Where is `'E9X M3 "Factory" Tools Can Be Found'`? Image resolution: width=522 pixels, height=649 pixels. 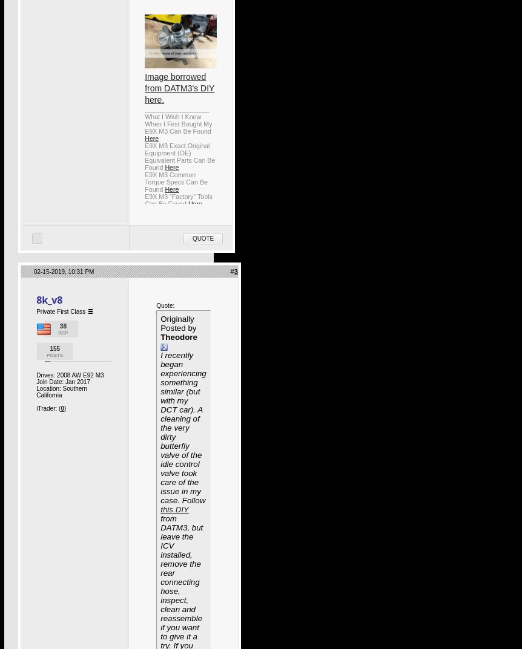 'E9X M3 "Factory" Tools Can Be Found' is located at coordinates (178, 200).